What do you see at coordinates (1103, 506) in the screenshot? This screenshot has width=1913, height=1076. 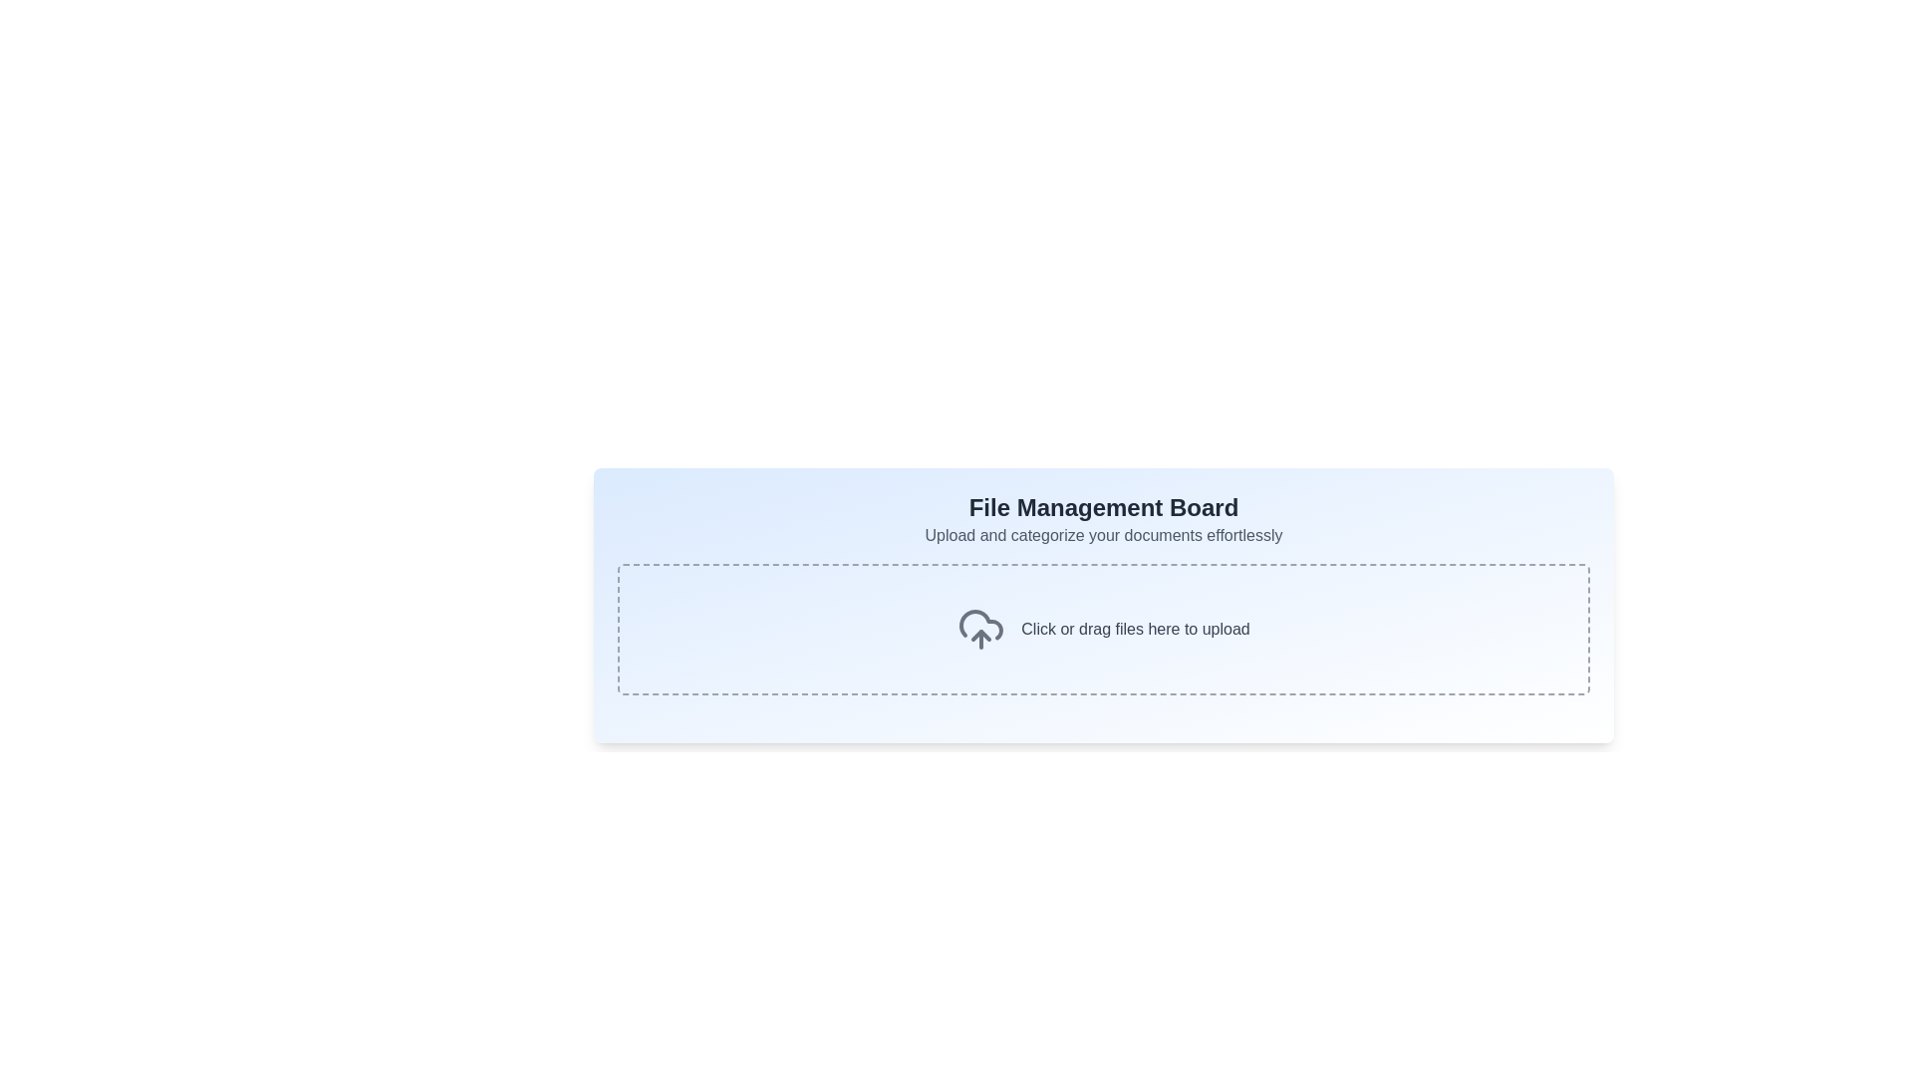 I see `text label that displays 'File Management Board', which is bold and centered on a pale blue background` at bounding box center [1103, 506].